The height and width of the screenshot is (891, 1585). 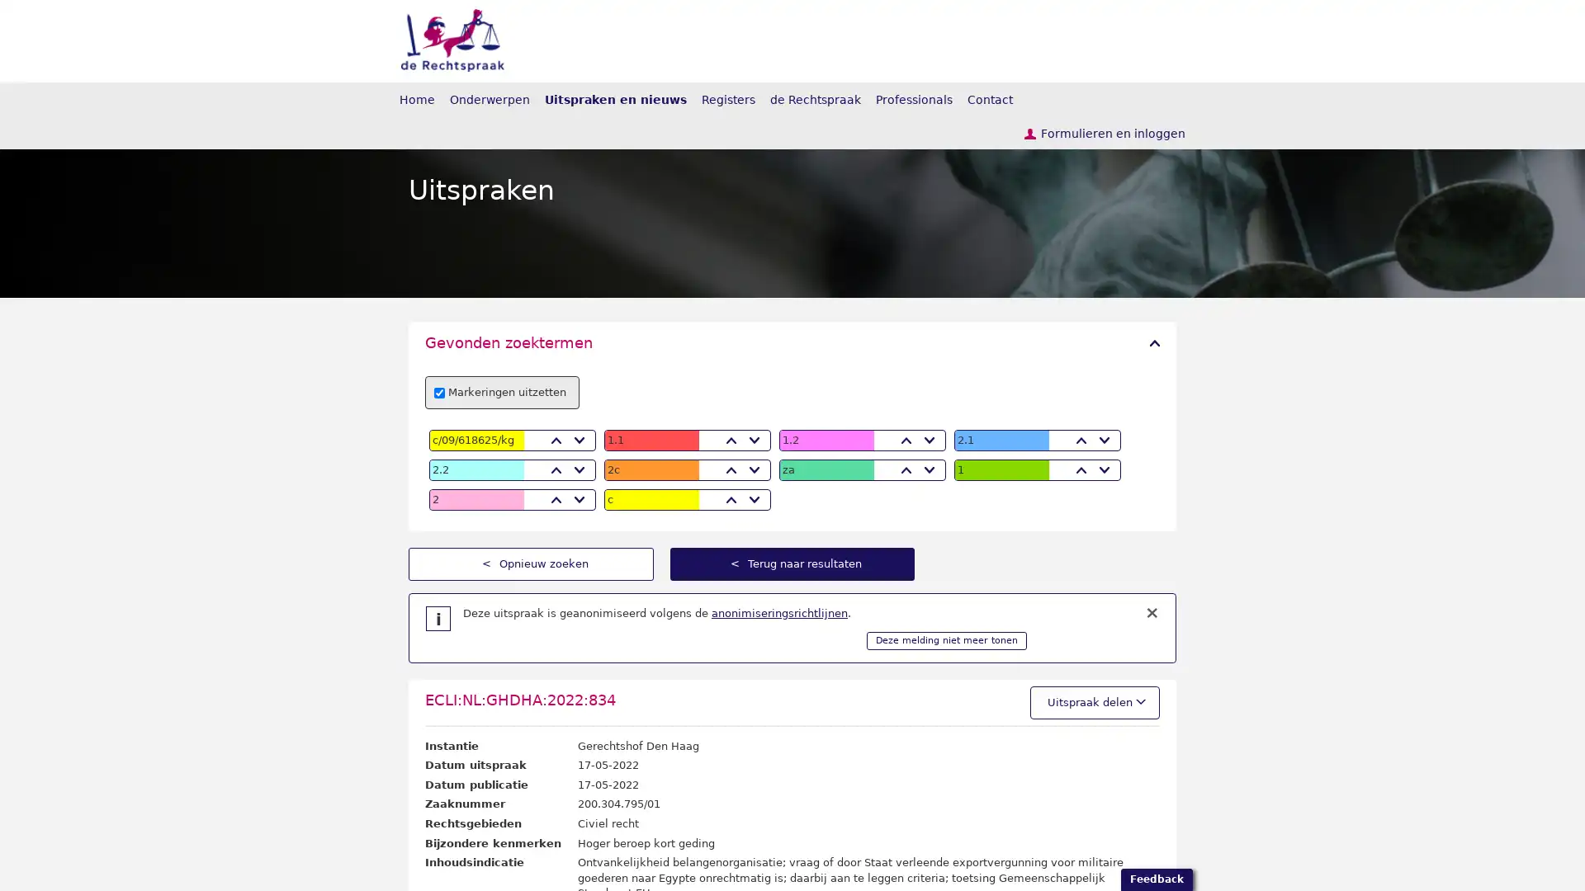 What do you see at coordinates (946, 639) in the screenshot?
I see `Deze melding niet meer tonen` at bounding box center [946, 639].